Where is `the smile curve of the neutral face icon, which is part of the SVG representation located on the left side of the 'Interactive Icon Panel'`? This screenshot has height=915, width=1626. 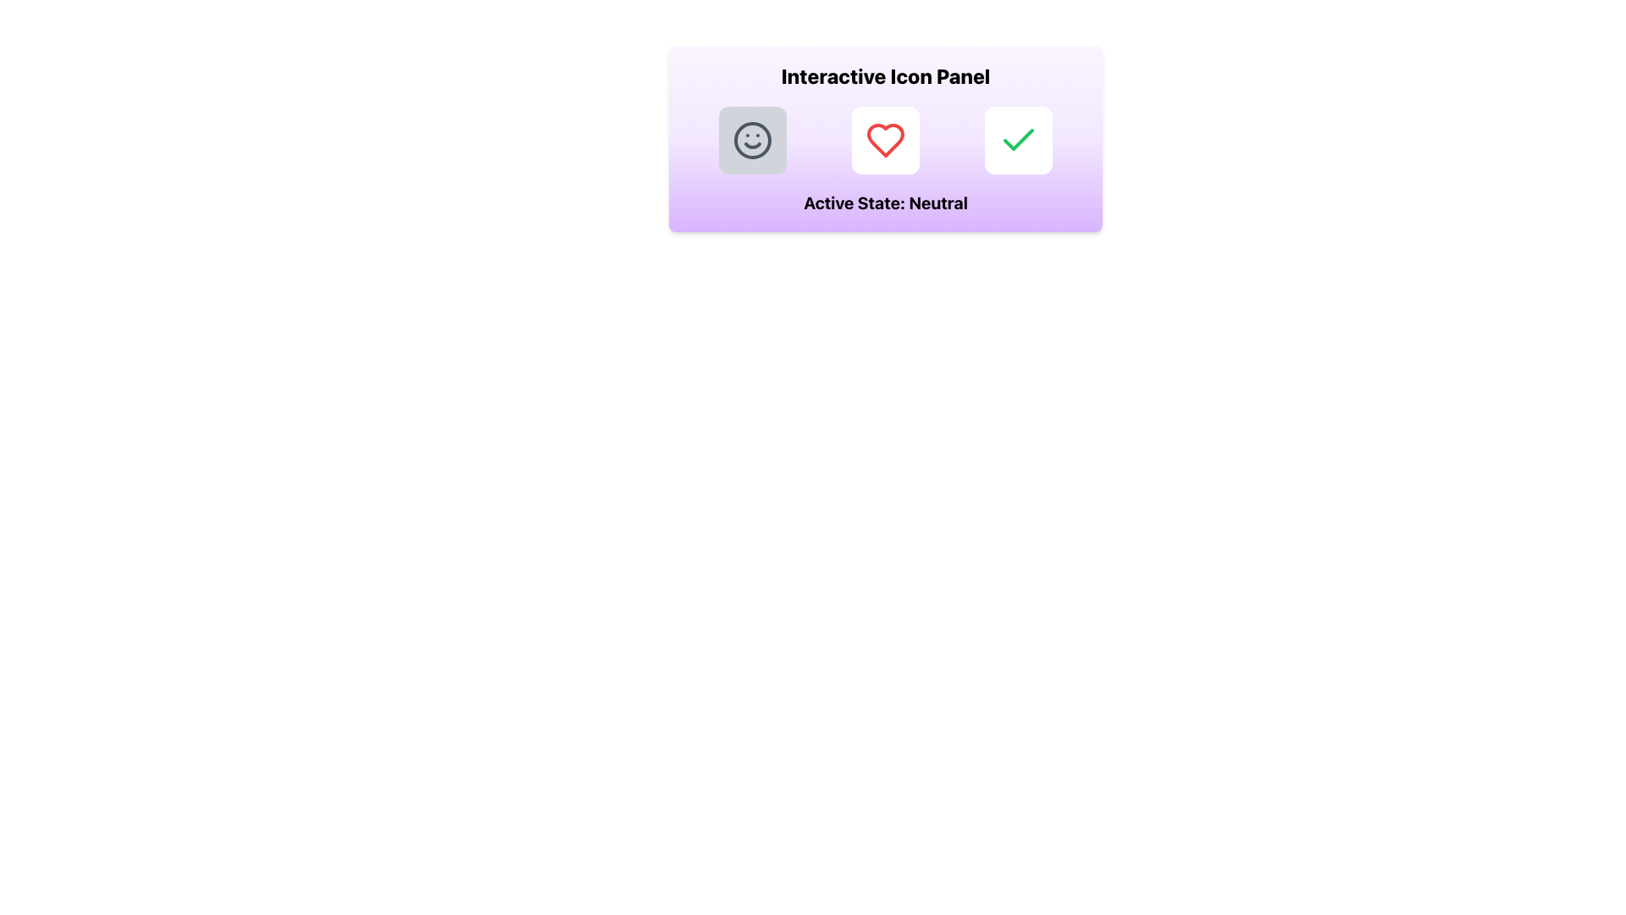 the smile curve of the neutral face icon, which is part of the SVG representation located on the left side of the 'Interactive Icon Panel' is located at coordinates (751, 145).